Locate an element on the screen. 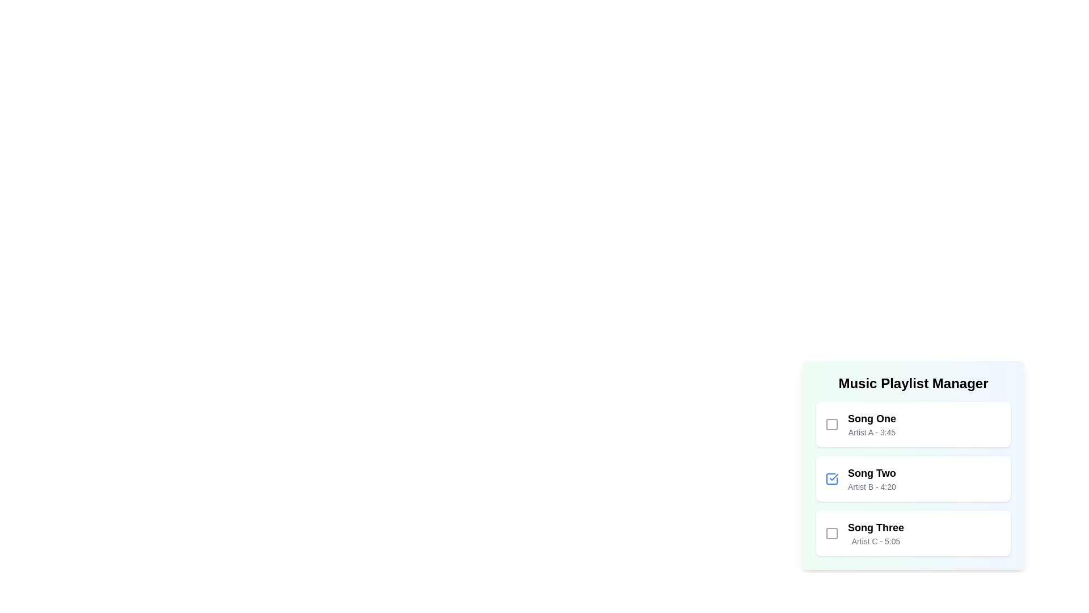 This screenshot has width=1089, height=613. the third item in the music playlist manager that displays information about a song, including its title, artist, and duration is located at coordinates (875, 534).